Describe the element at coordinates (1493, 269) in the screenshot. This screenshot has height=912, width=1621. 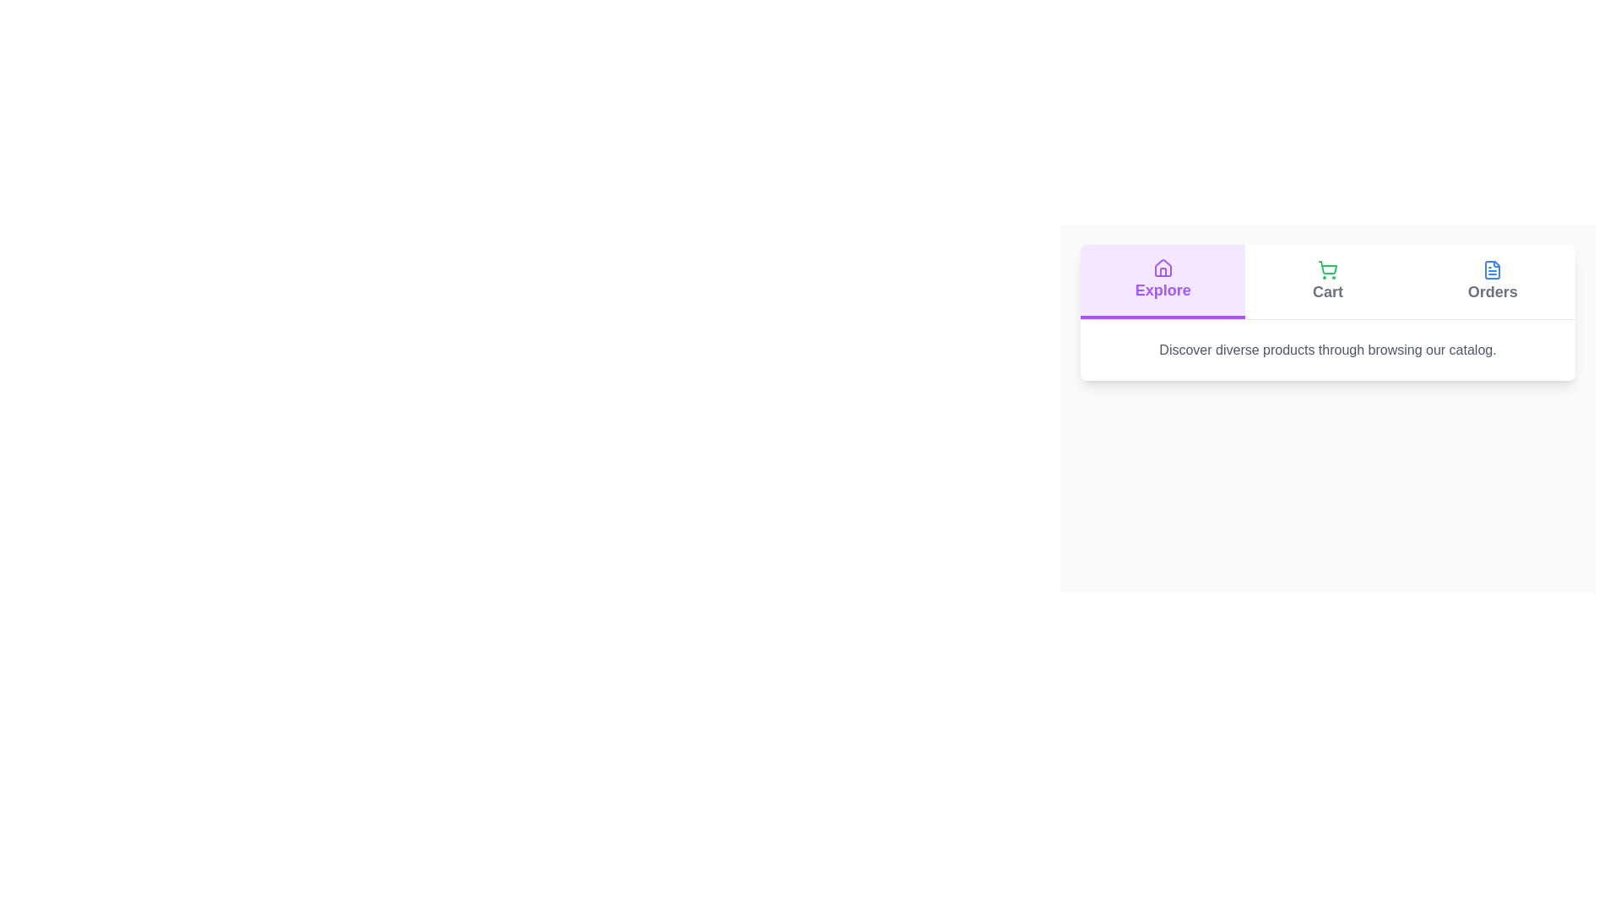
I see `the icon for the Orders tab to examine its visual representation` at that location.